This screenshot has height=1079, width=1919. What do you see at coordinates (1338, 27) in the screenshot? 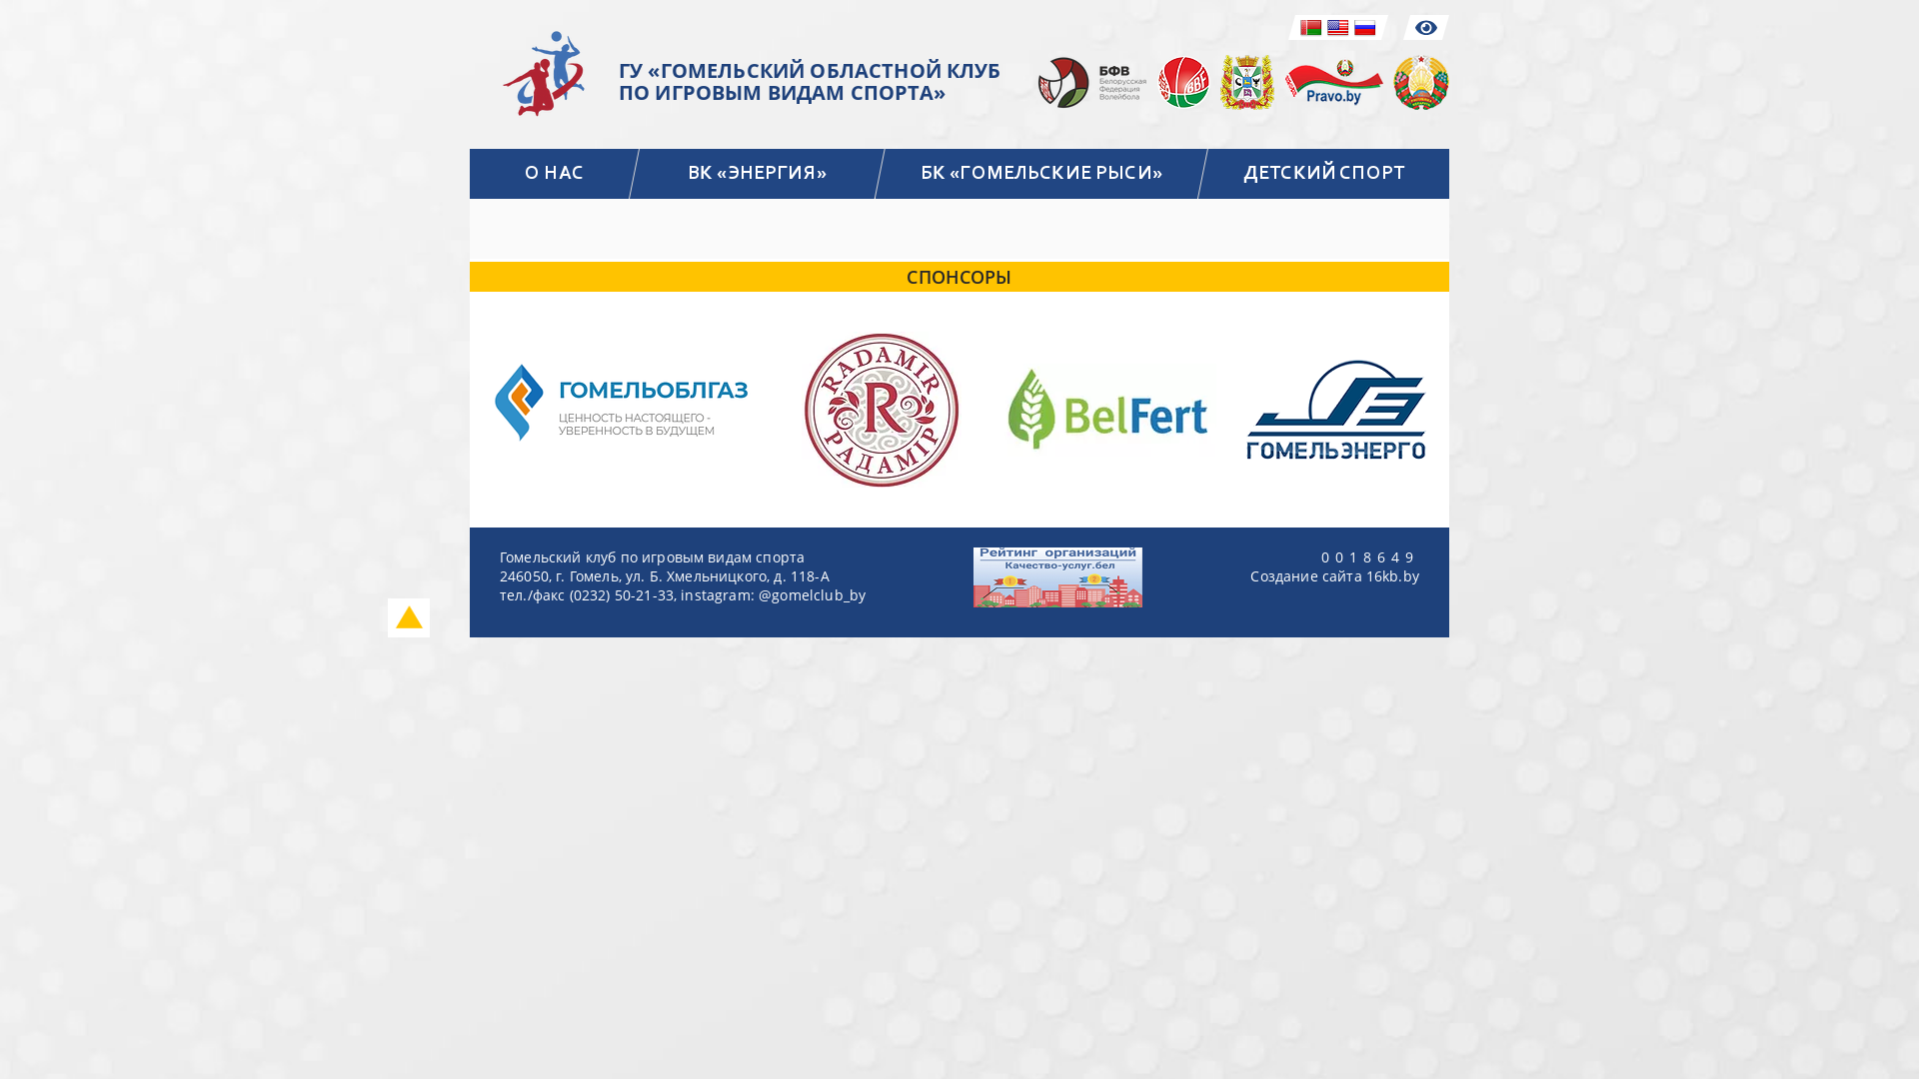
I see `'English'` at bounding box center [1338, 27].